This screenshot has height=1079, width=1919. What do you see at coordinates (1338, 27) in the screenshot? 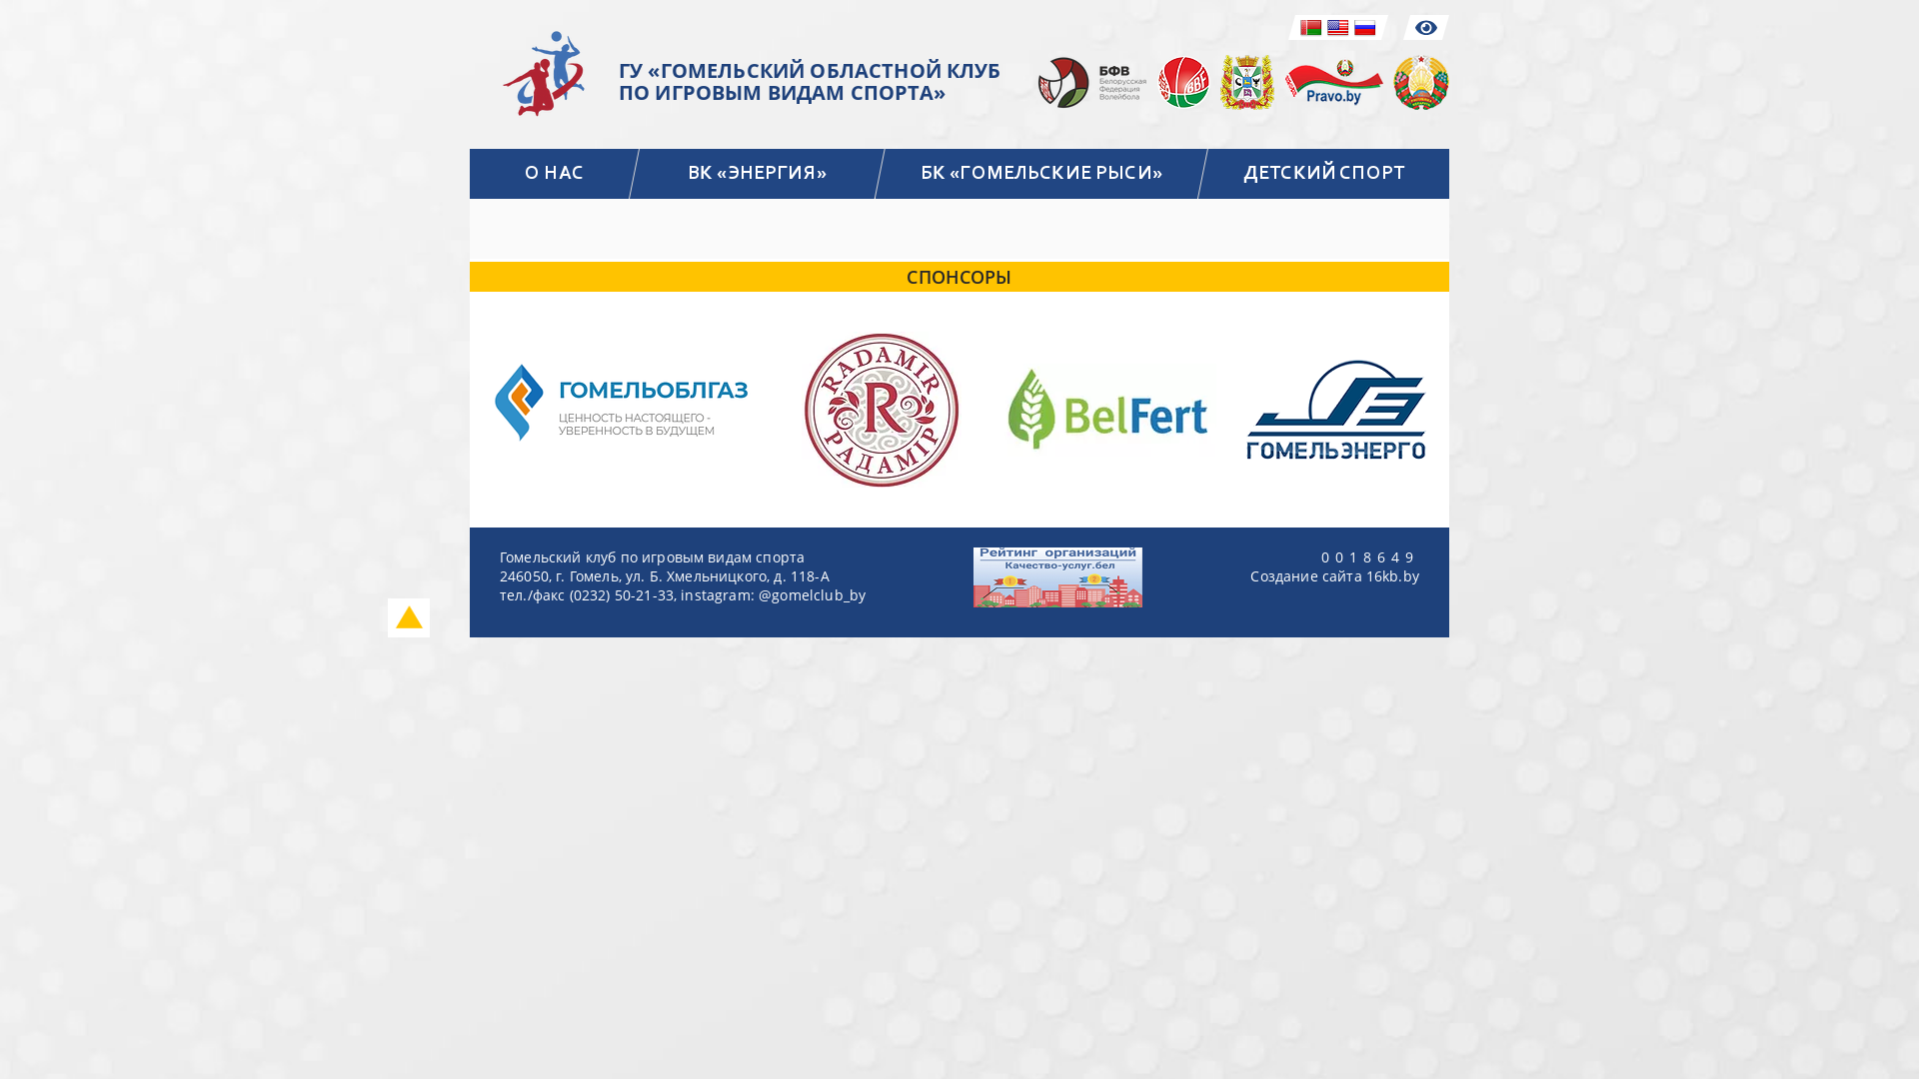
I see `'English'` at bounding box center [1338, 27].